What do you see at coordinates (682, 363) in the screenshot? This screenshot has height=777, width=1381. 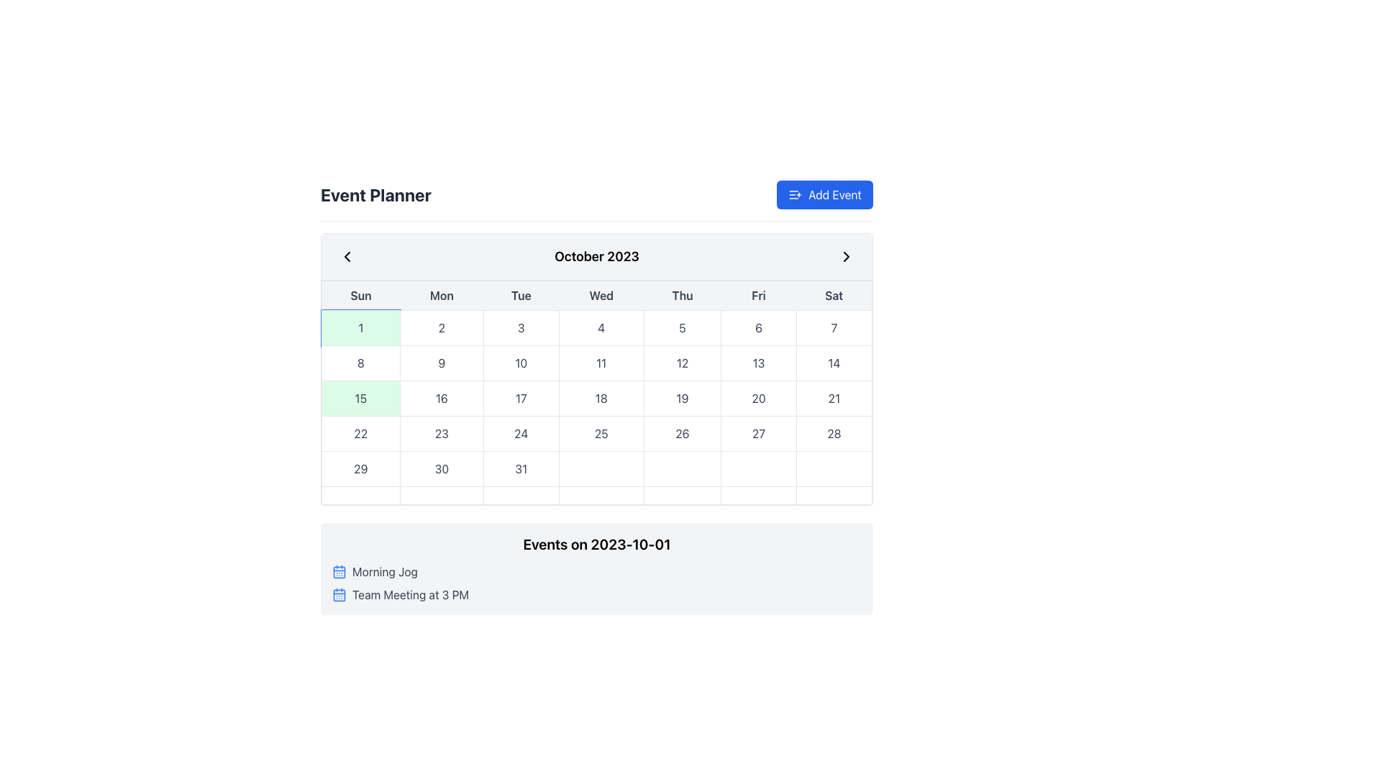 I see `the button-like calendar day item representing the date '12th October 2023'` at bounding box center [682, 363].